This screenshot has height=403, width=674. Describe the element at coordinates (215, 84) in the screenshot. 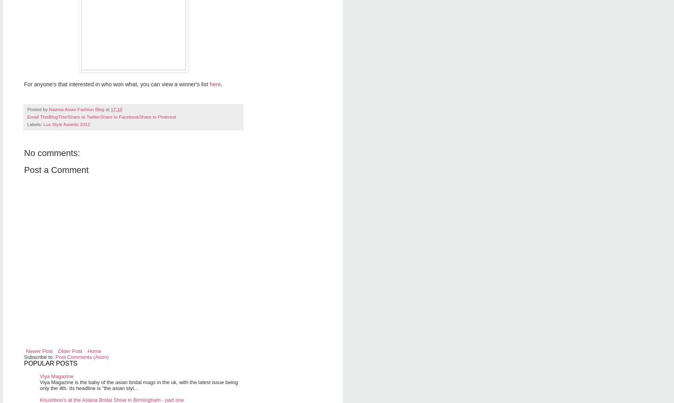

I see `'here'` at that location.